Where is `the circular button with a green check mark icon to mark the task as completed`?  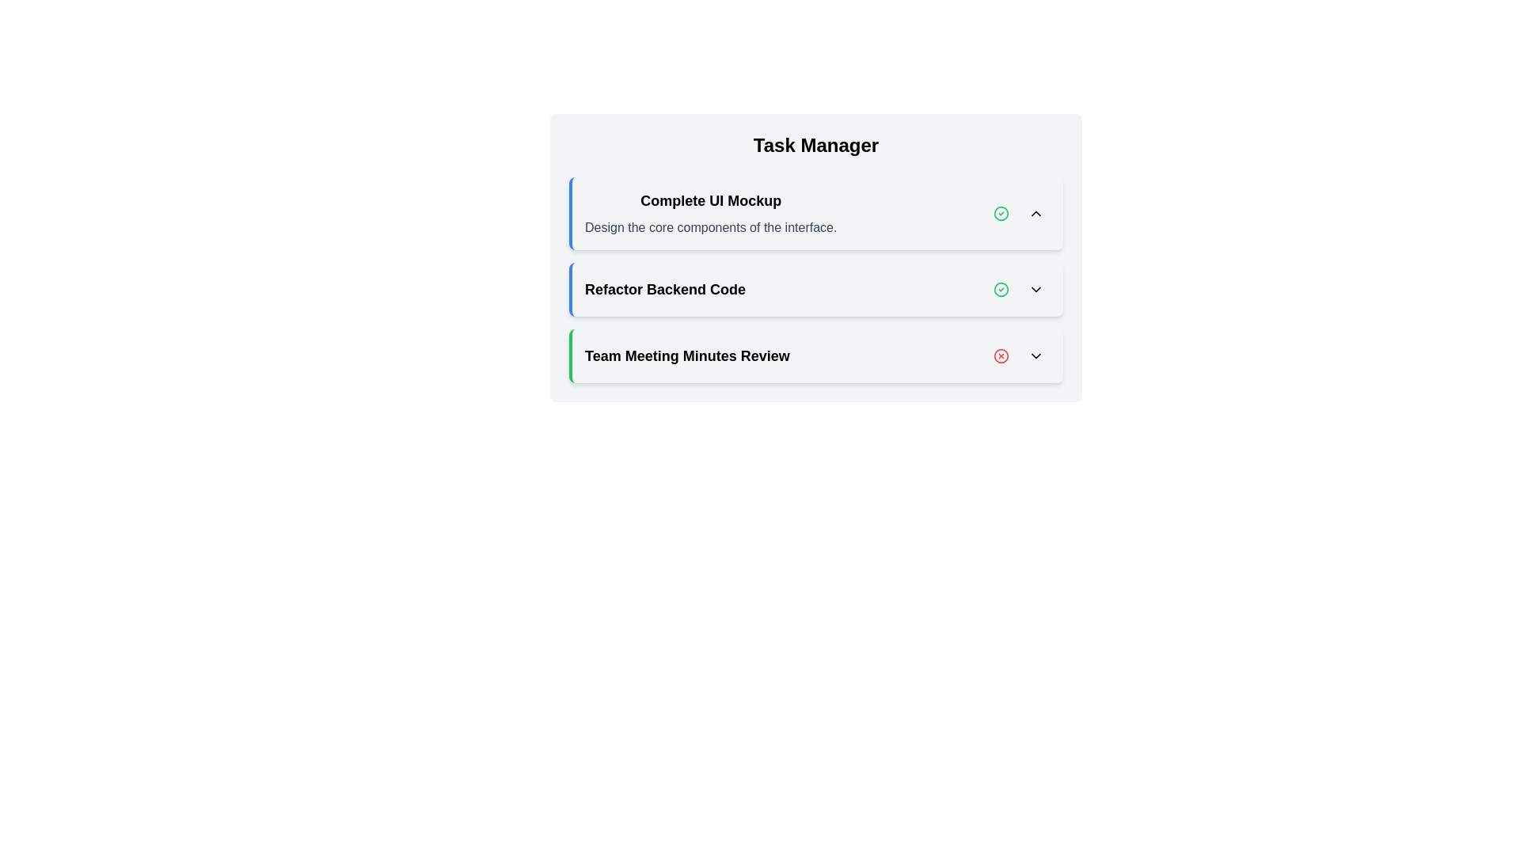 the circular button with a green check mark icon to mark the task as completed is located at coordinates (1001, 290).